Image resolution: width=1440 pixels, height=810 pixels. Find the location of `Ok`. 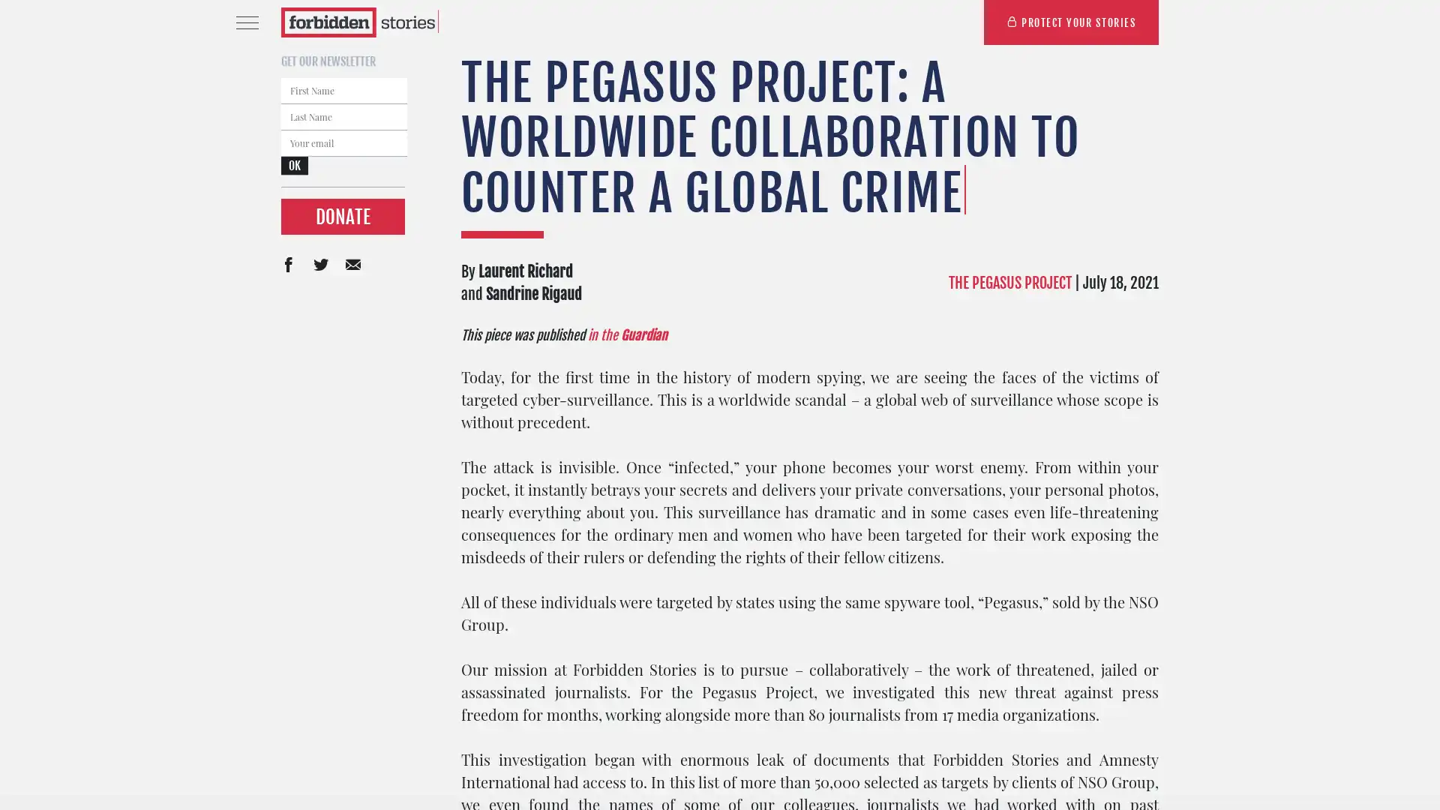

Ok is located at coordinates (295, 166).